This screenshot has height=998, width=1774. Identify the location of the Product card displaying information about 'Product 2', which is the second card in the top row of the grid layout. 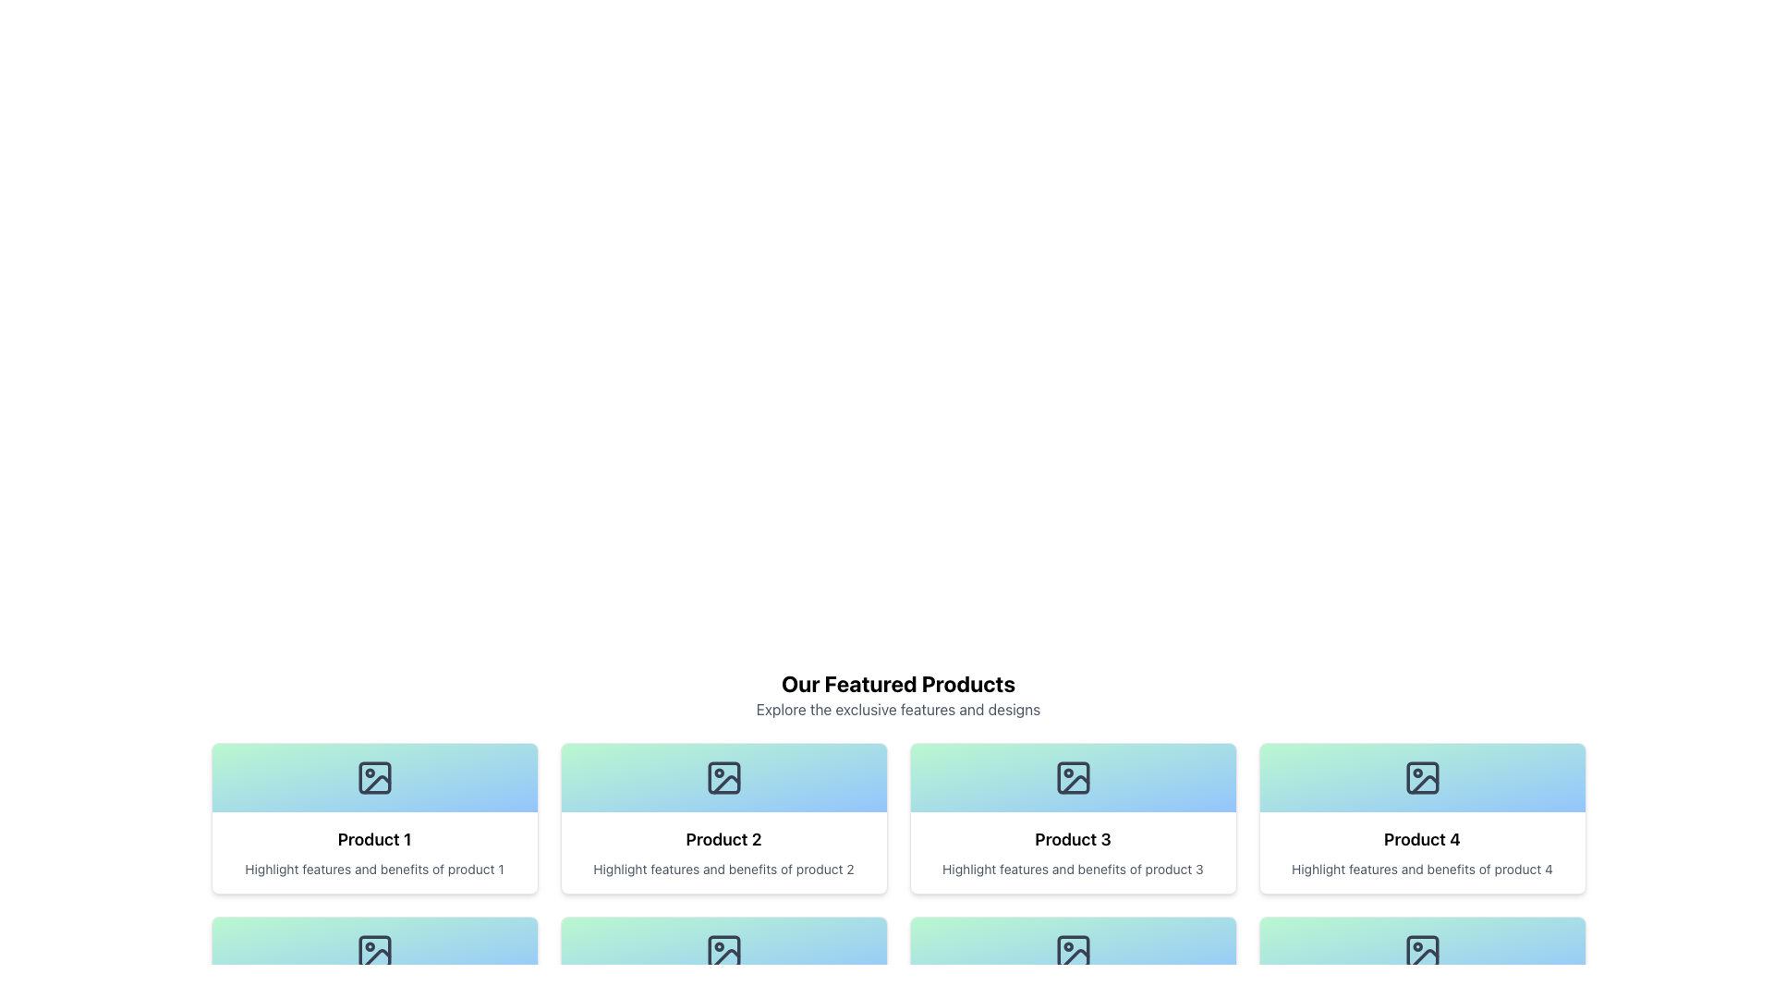
(723, 818).